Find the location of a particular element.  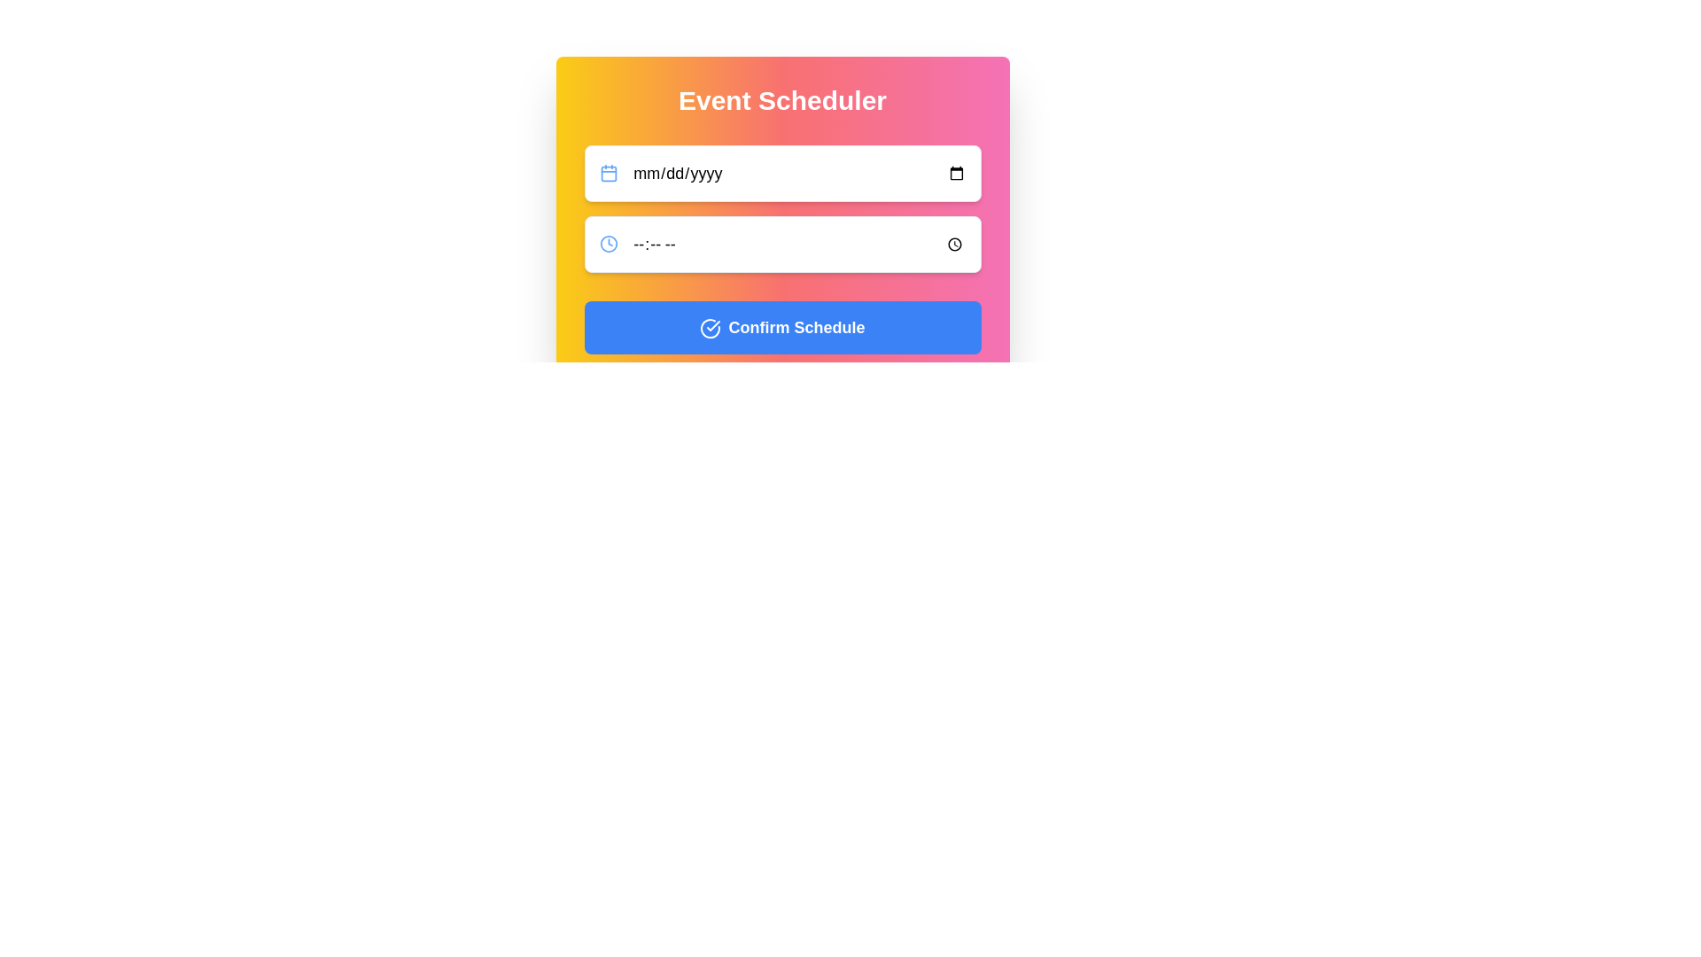

the background frame of the calendar icon located immediately to the left of the 'mm/dd/yyyy' text string in the date input field is located at coordinates (608, 174).